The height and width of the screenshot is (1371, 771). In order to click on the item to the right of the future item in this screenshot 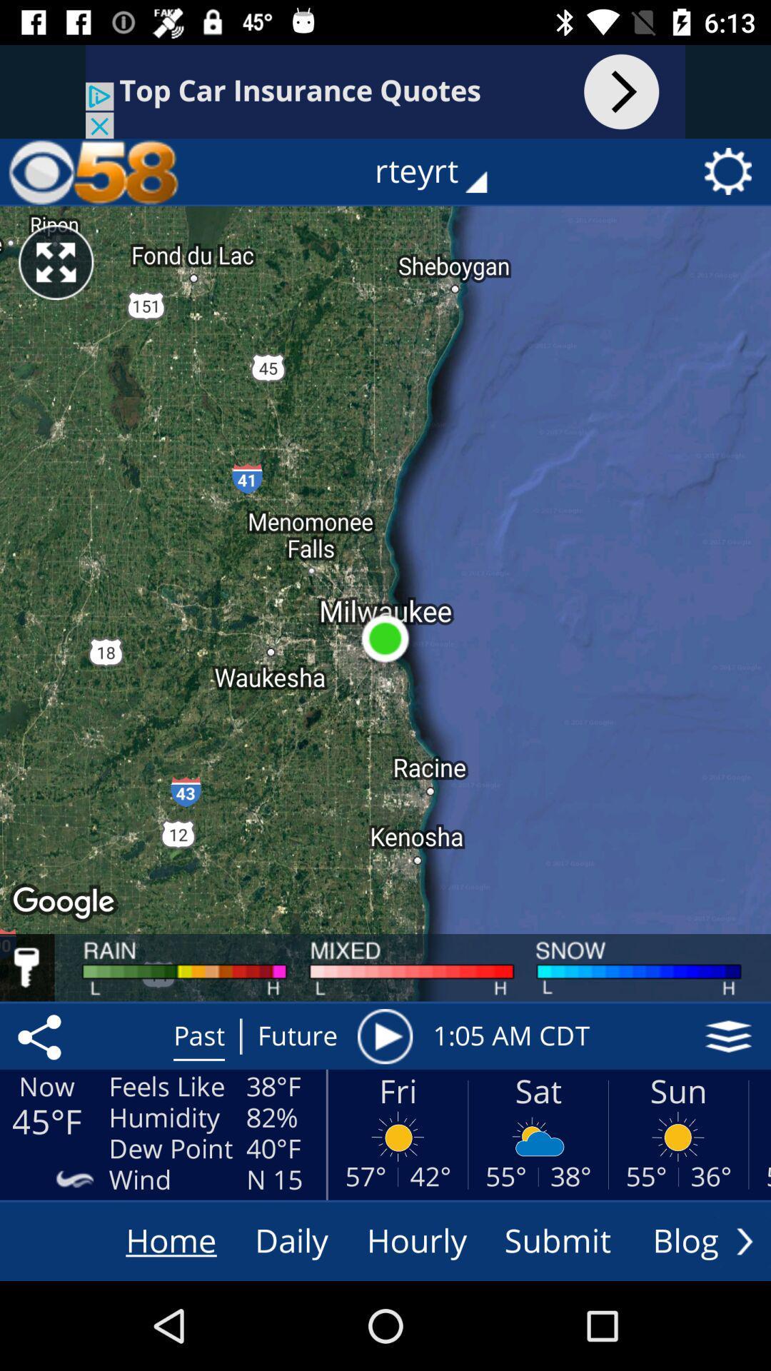, I will do `click(384, 1036)`.